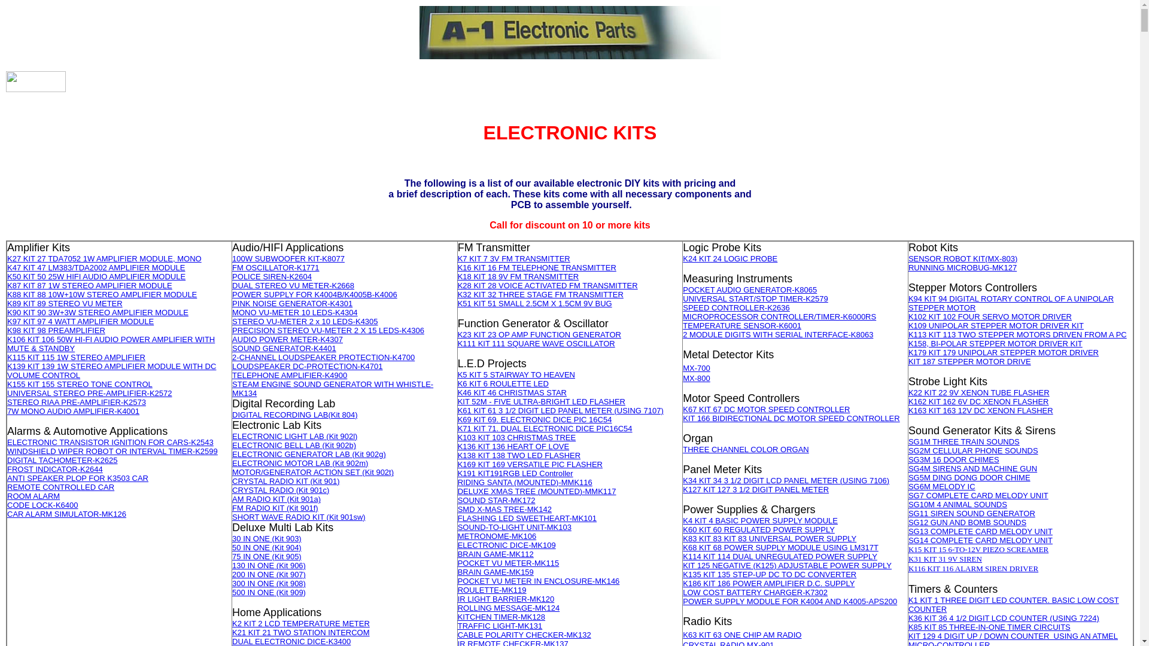  What do you see at coordinates (766, 409) in the screenshot?
I see `'K67 KIT 67 DC MOTOR SPEED CONTROLLER'` at bounding box center [766, 409].